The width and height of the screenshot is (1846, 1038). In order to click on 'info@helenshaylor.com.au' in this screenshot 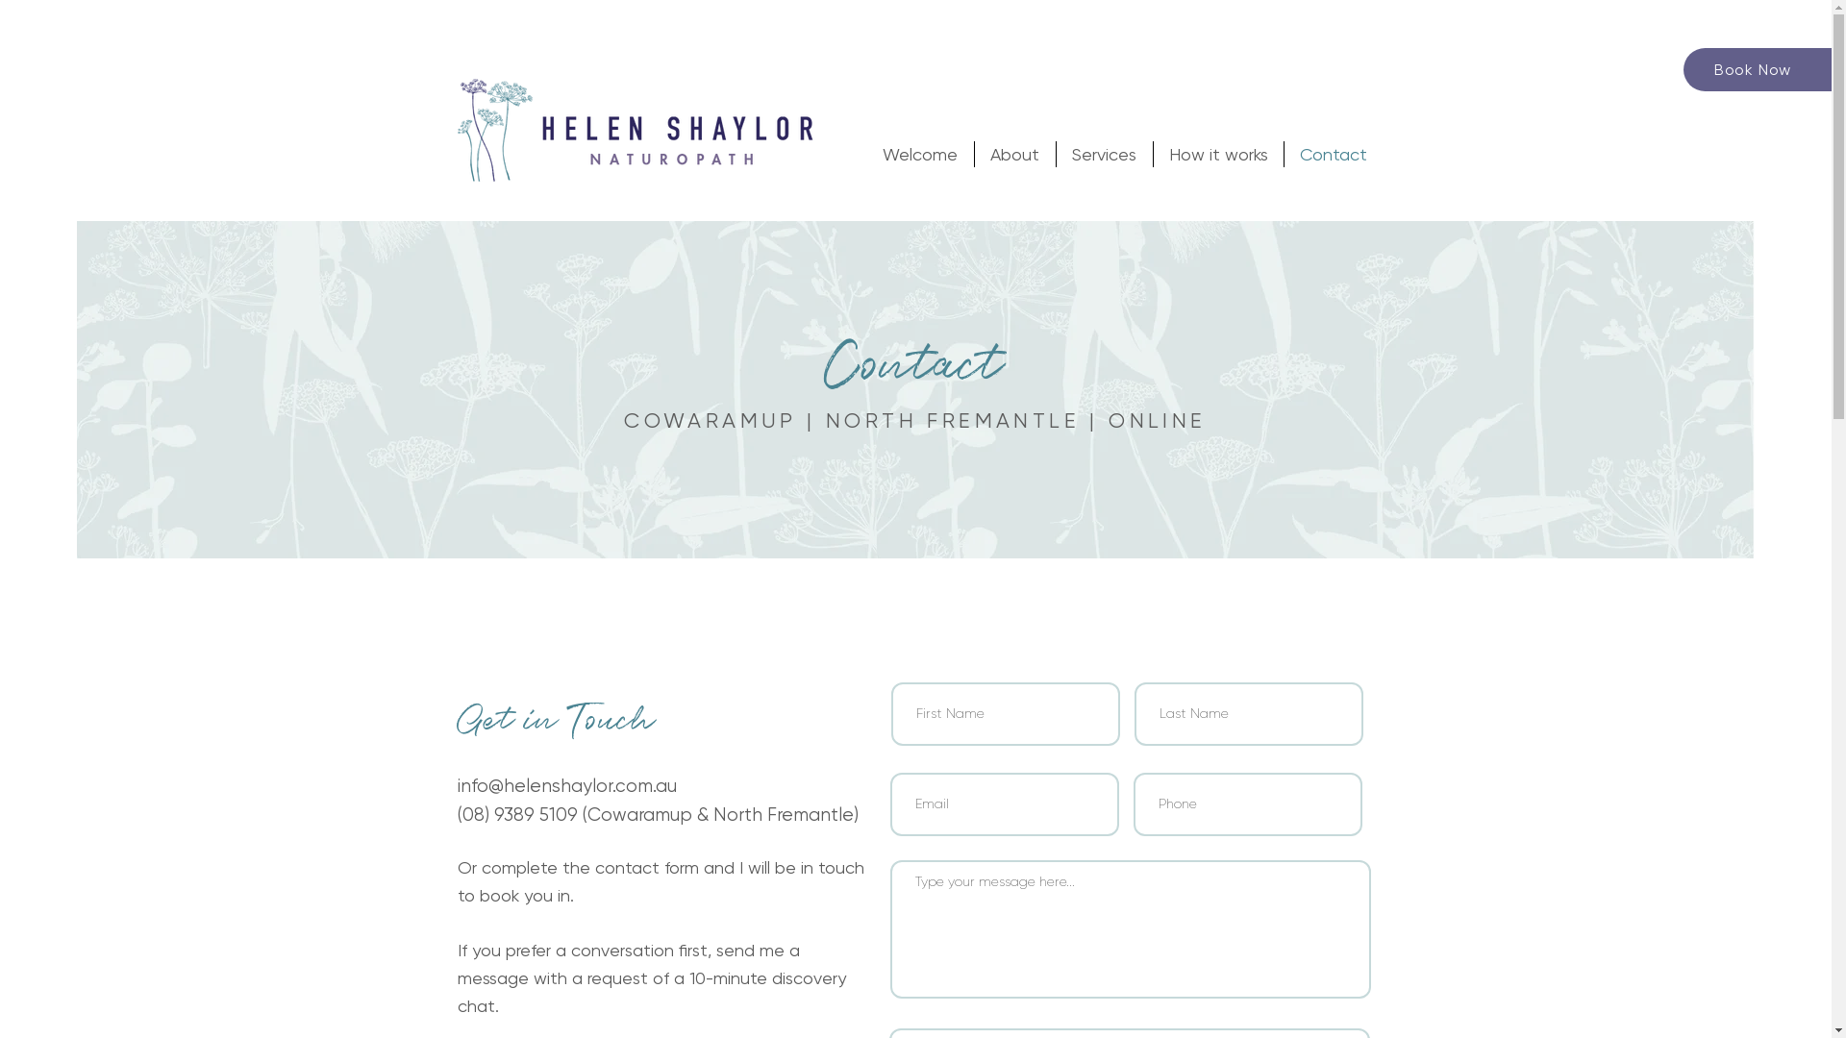, I will do `click(566, 785)`.